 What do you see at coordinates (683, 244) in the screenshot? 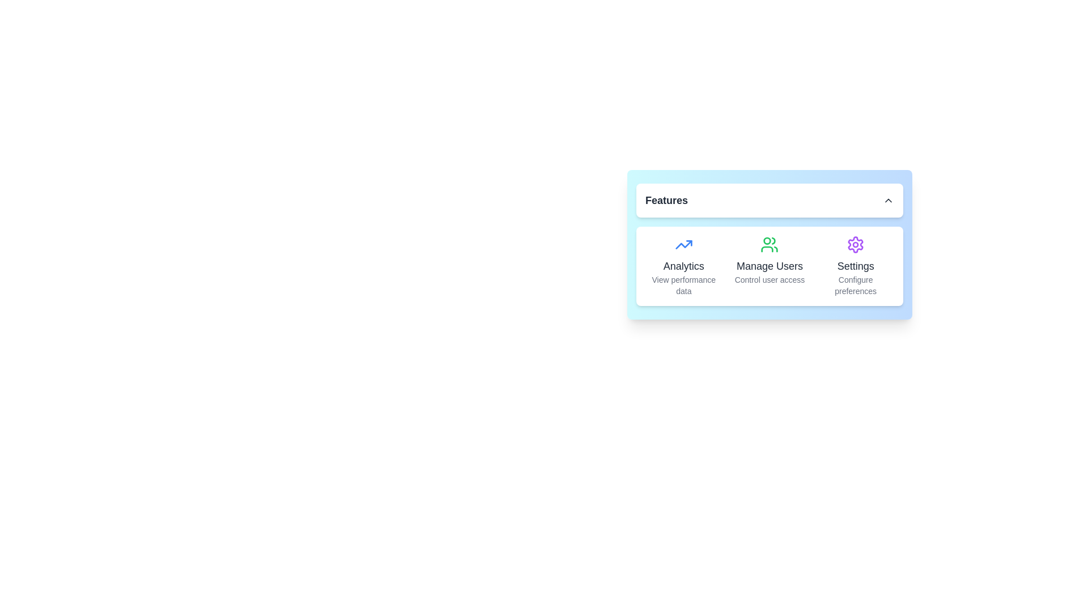
I see `the Analytics icon located at the top-left of the feature items box` at bounding box center [683, 244].